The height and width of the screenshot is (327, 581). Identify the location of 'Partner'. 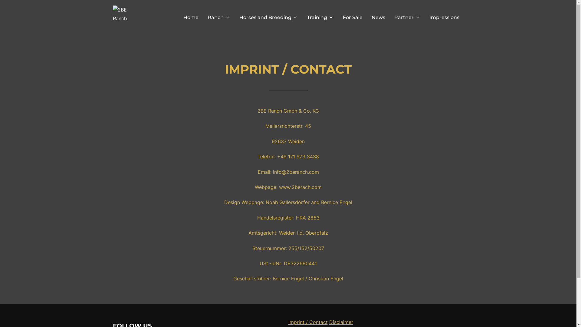
(407, 17).